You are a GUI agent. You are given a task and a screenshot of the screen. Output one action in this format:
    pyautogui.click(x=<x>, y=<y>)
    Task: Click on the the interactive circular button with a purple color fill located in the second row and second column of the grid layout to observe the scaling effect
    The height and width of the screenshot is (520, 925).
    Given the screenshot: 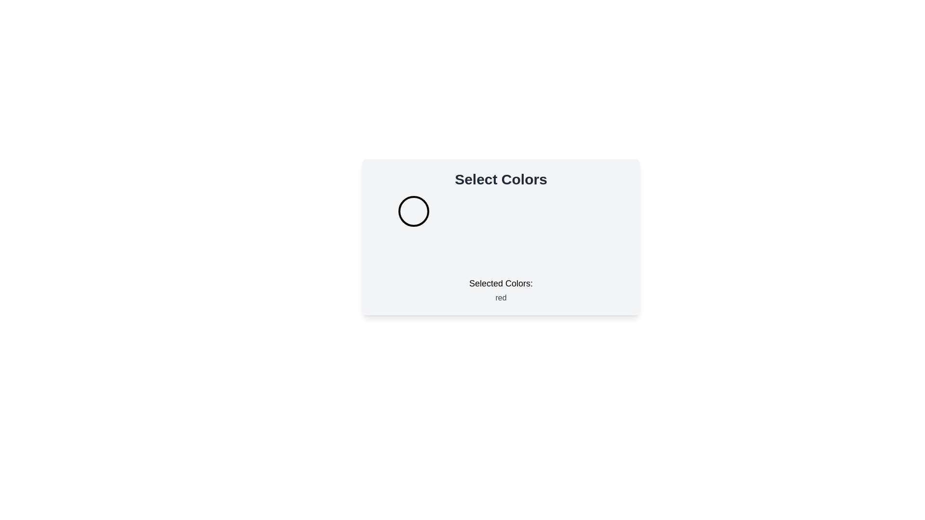 What is the action you would take?
    pyautogui.click(x=501, y=249)
    